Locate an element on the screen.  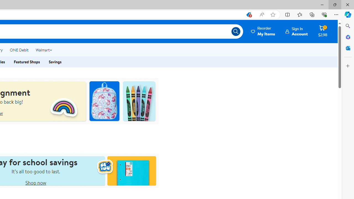
'Reorder My Items' is located at coordinates (263, 31).